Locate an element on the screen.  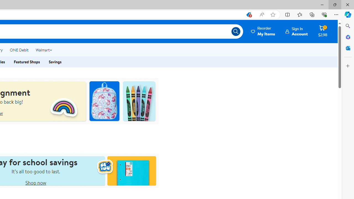
'Reorder My Items' is located at coordinates (263, 31).